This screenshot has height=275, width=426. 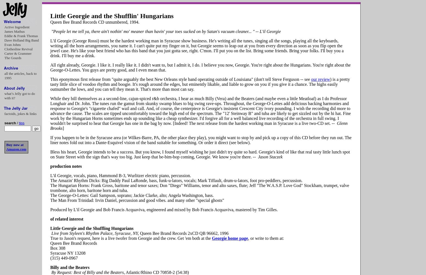 I want to click on 'our review', so click(x=320, y=79).